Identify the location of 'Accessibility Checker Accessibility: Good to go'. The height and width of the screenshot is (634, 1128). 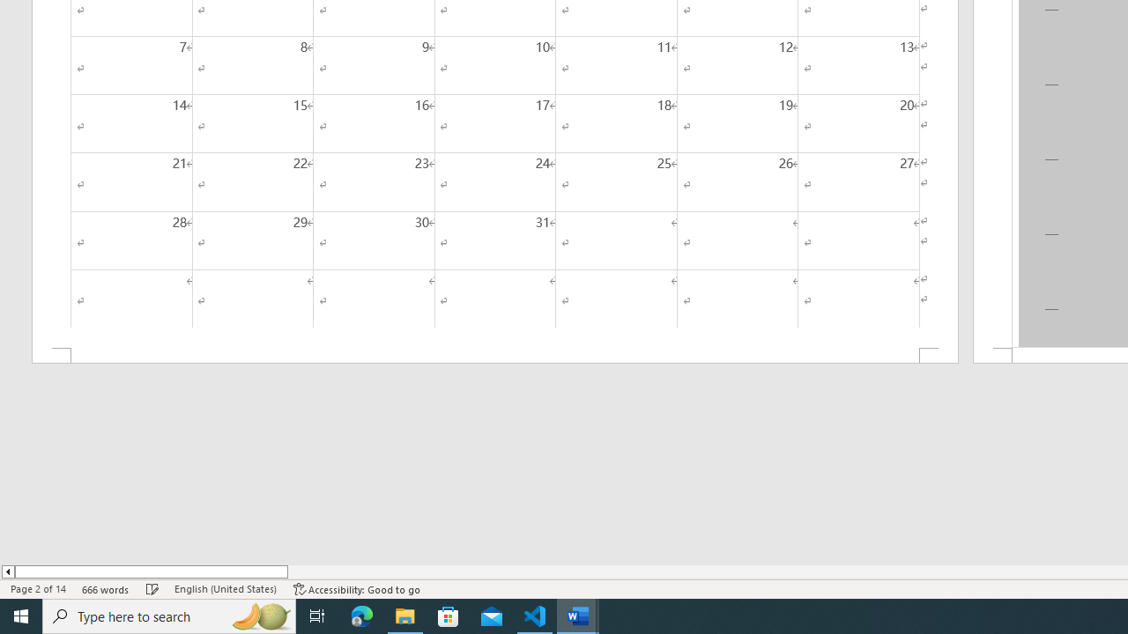
(356, 589).